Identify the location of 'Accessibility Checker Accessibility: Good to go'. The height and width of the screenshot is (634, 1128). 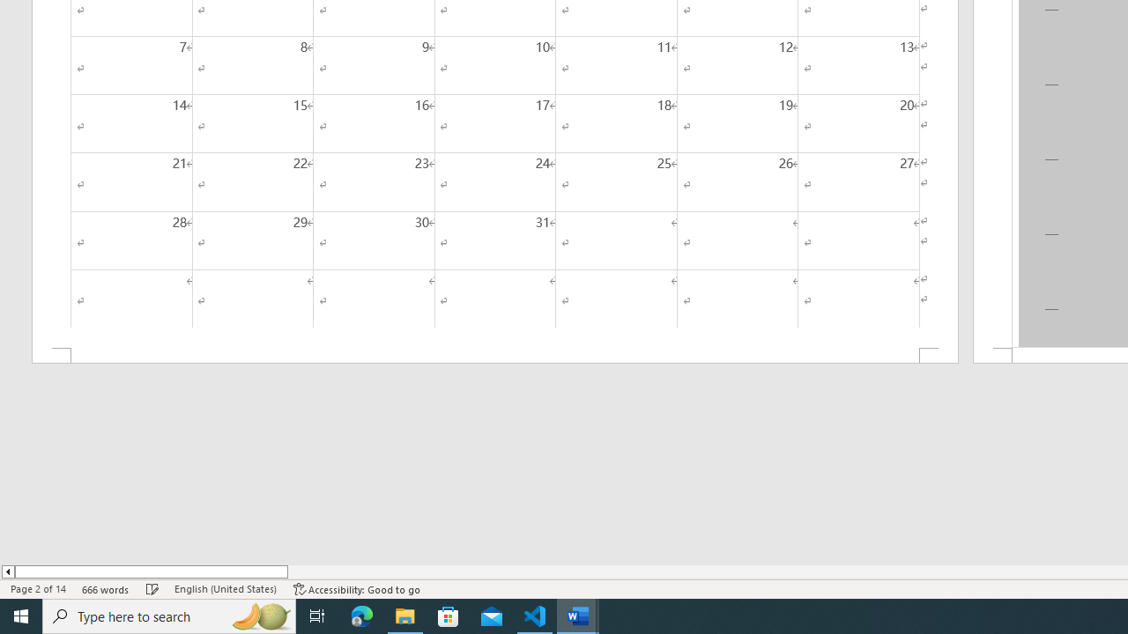
(356, 589).